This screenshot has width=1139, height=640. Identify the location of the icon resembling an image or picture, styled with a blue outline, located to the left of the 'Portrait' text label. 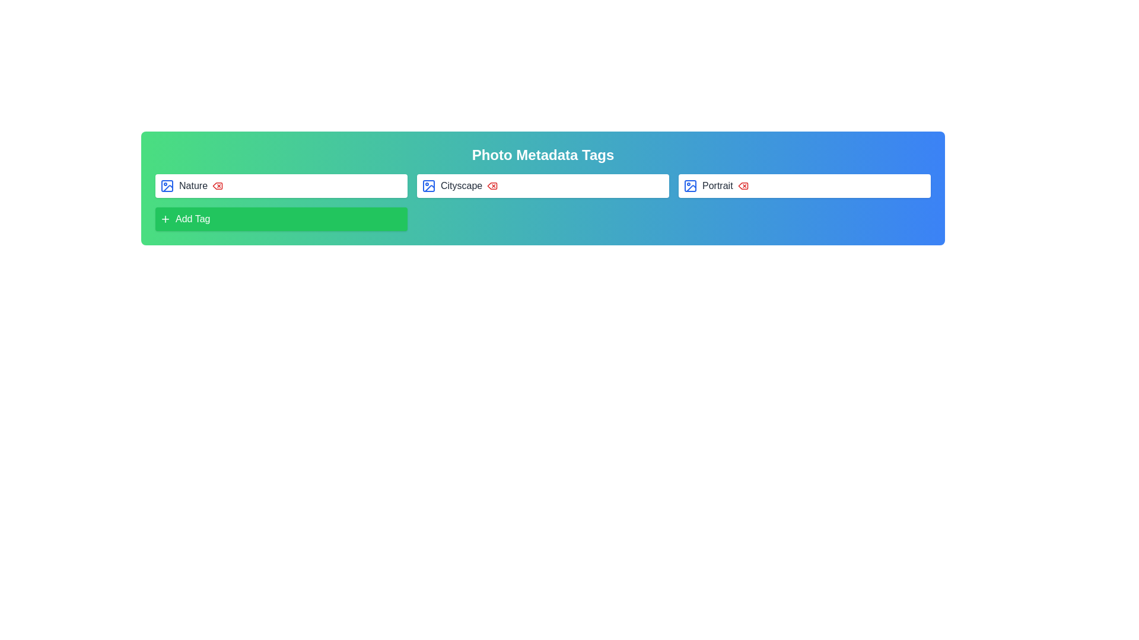
(690, 185).